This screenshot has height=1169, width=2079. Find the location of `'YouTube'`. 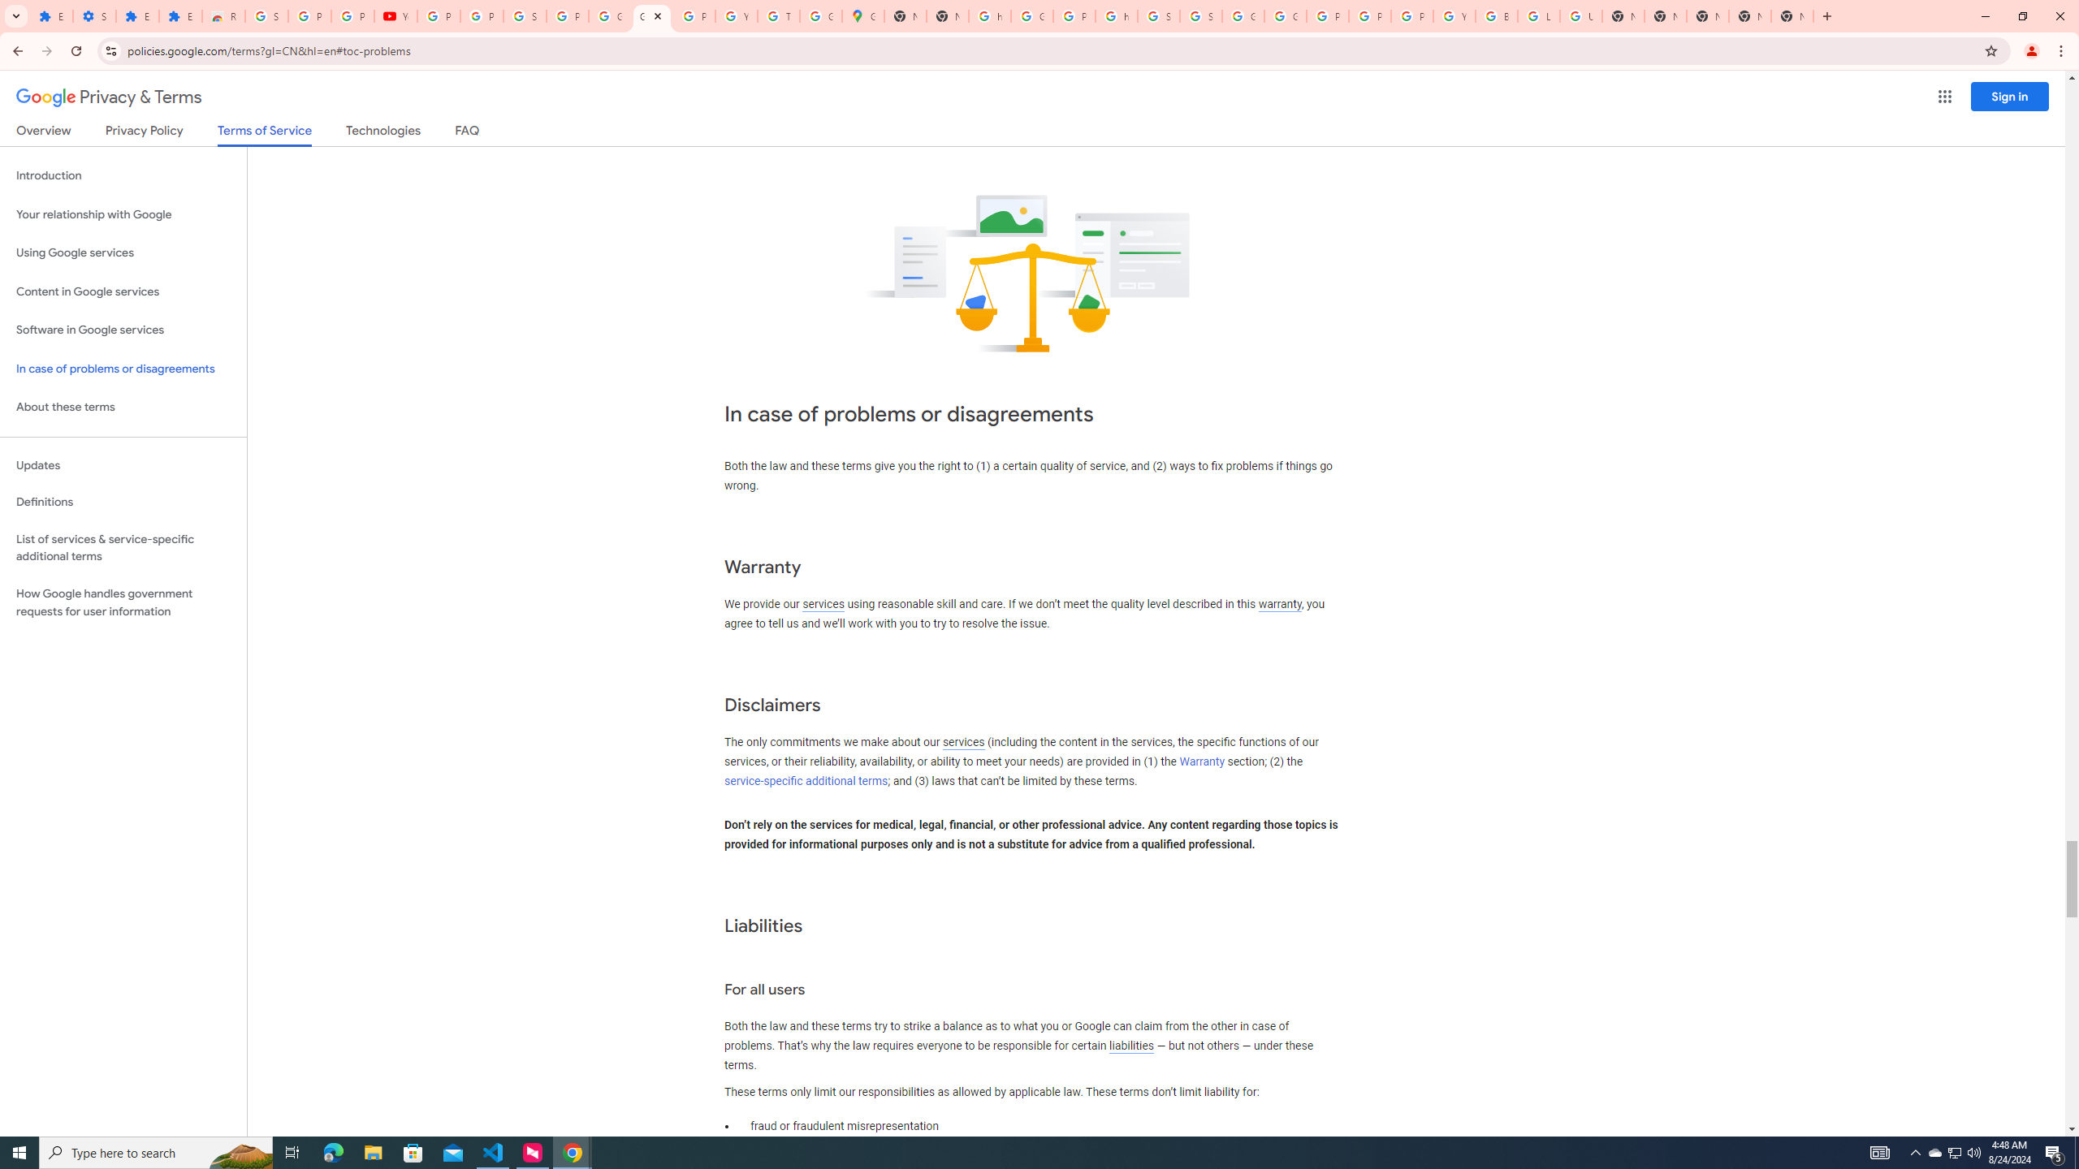

'YouTube' is located at coordinates (395, 15).